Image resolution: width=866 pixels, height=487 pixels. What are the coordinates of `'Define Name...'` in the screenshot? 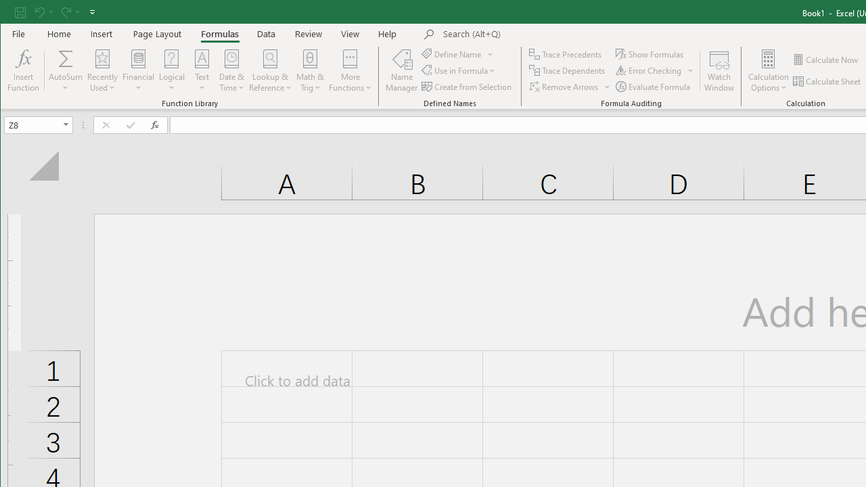 It's located at (452, 53).